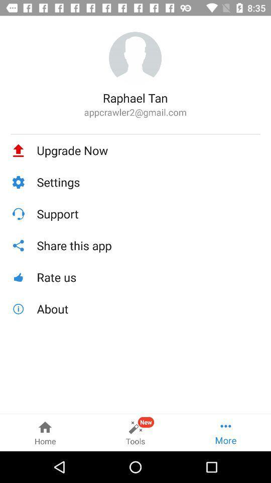  Describe the element at coordinates (135, 133) in the screenshot. I see `item below the appcrawler2@gmail.com icon` at that location.